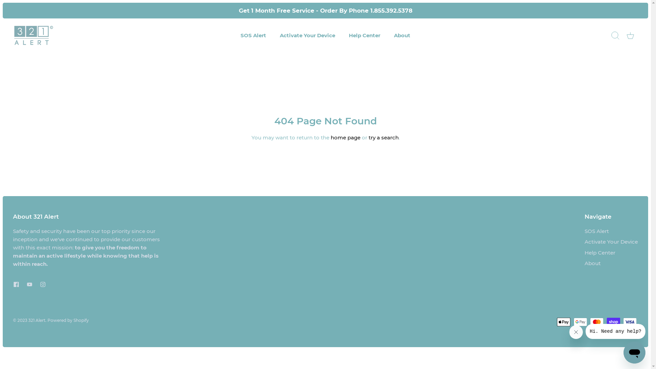 This screenshot has width=656, height=369. Describe the element at coordinates (383, 137) in the screenshot. I see `'try a search'` at that location.